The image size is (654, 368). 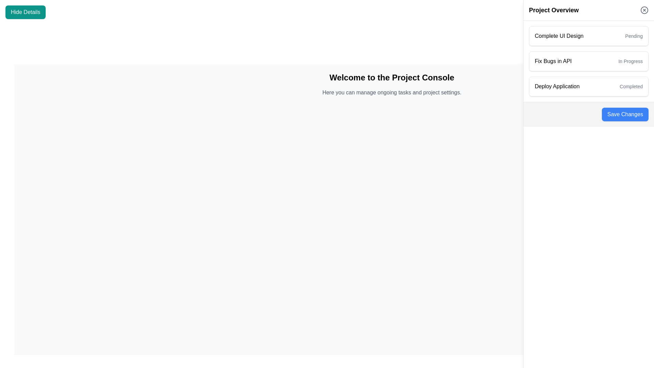 What do you see at coordinates (392, 93) in the screenshot?
I see `the text content that reads 'Here you can manage ongoing tasks and project settings.' which is styled in a lighter gray color and is positioned directly below the title 'Welcome to the Project Console'` at bounding box center [392, 93].